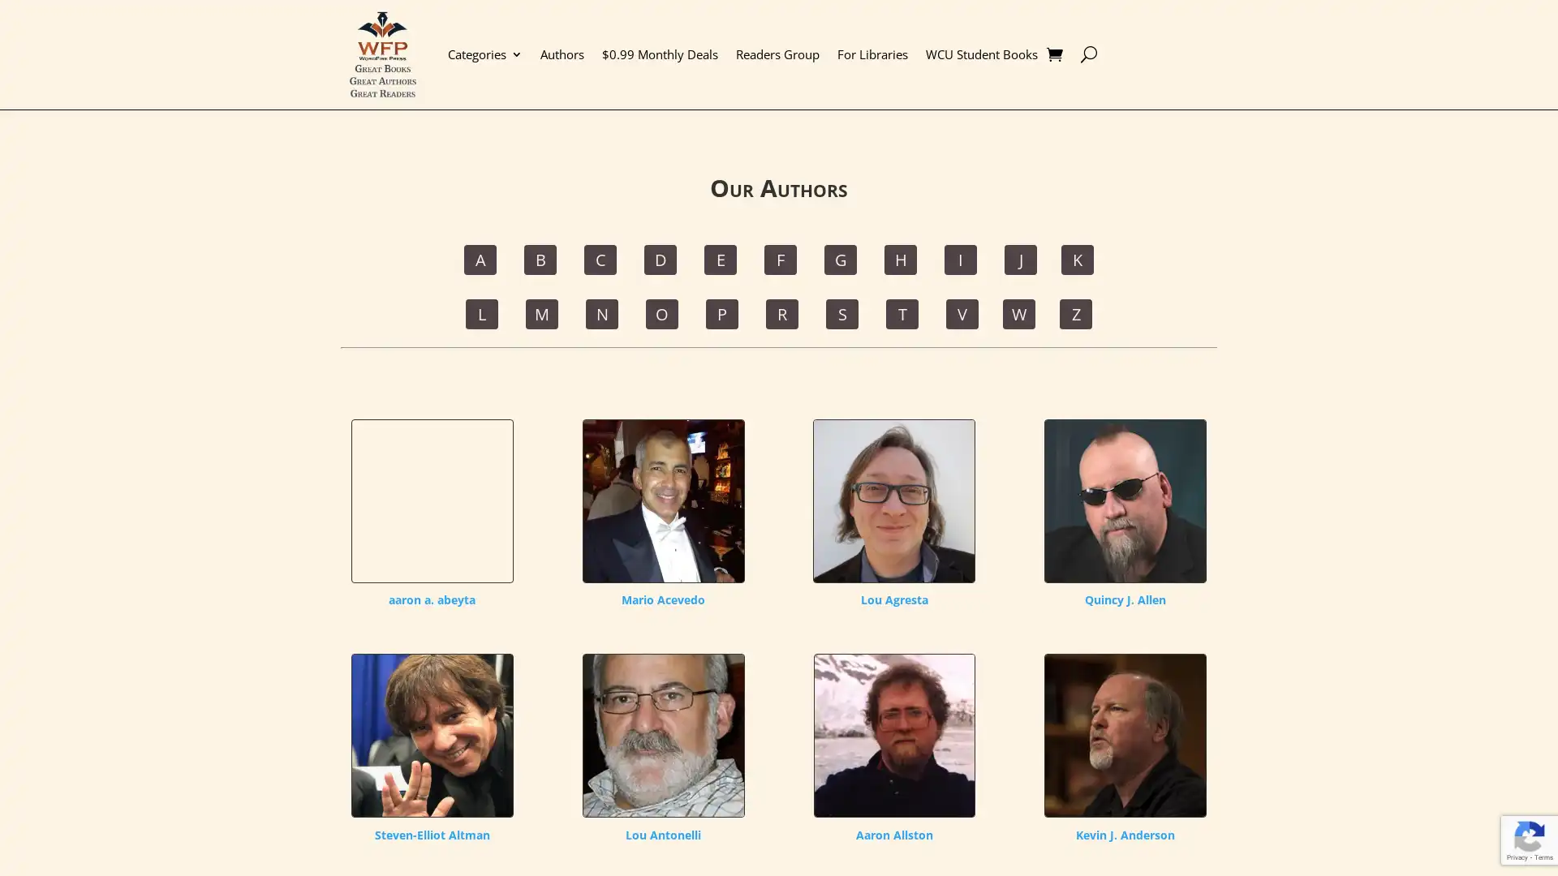 The height and width of the screenshot is (876, 1558). I want to click on A, so click(479, 258).